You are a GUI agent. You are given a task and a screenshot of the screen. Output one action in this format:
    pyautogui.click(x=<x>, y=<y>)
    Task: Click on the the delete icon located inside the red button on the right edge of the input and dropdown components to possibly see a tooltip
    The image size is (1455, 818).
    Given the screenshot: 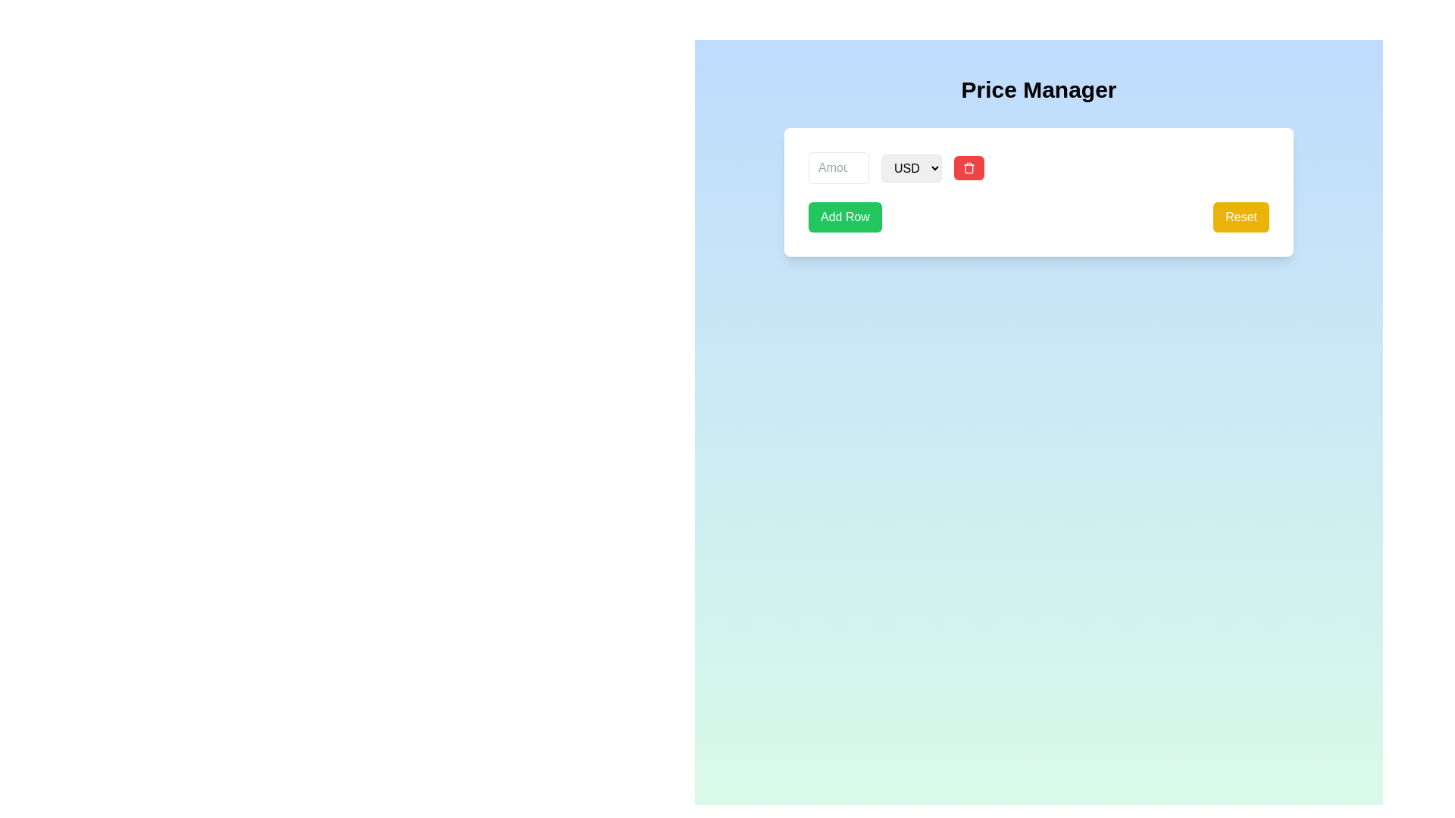 What is the action you would take?
    pyautogui.click(x=968, y=168)
    